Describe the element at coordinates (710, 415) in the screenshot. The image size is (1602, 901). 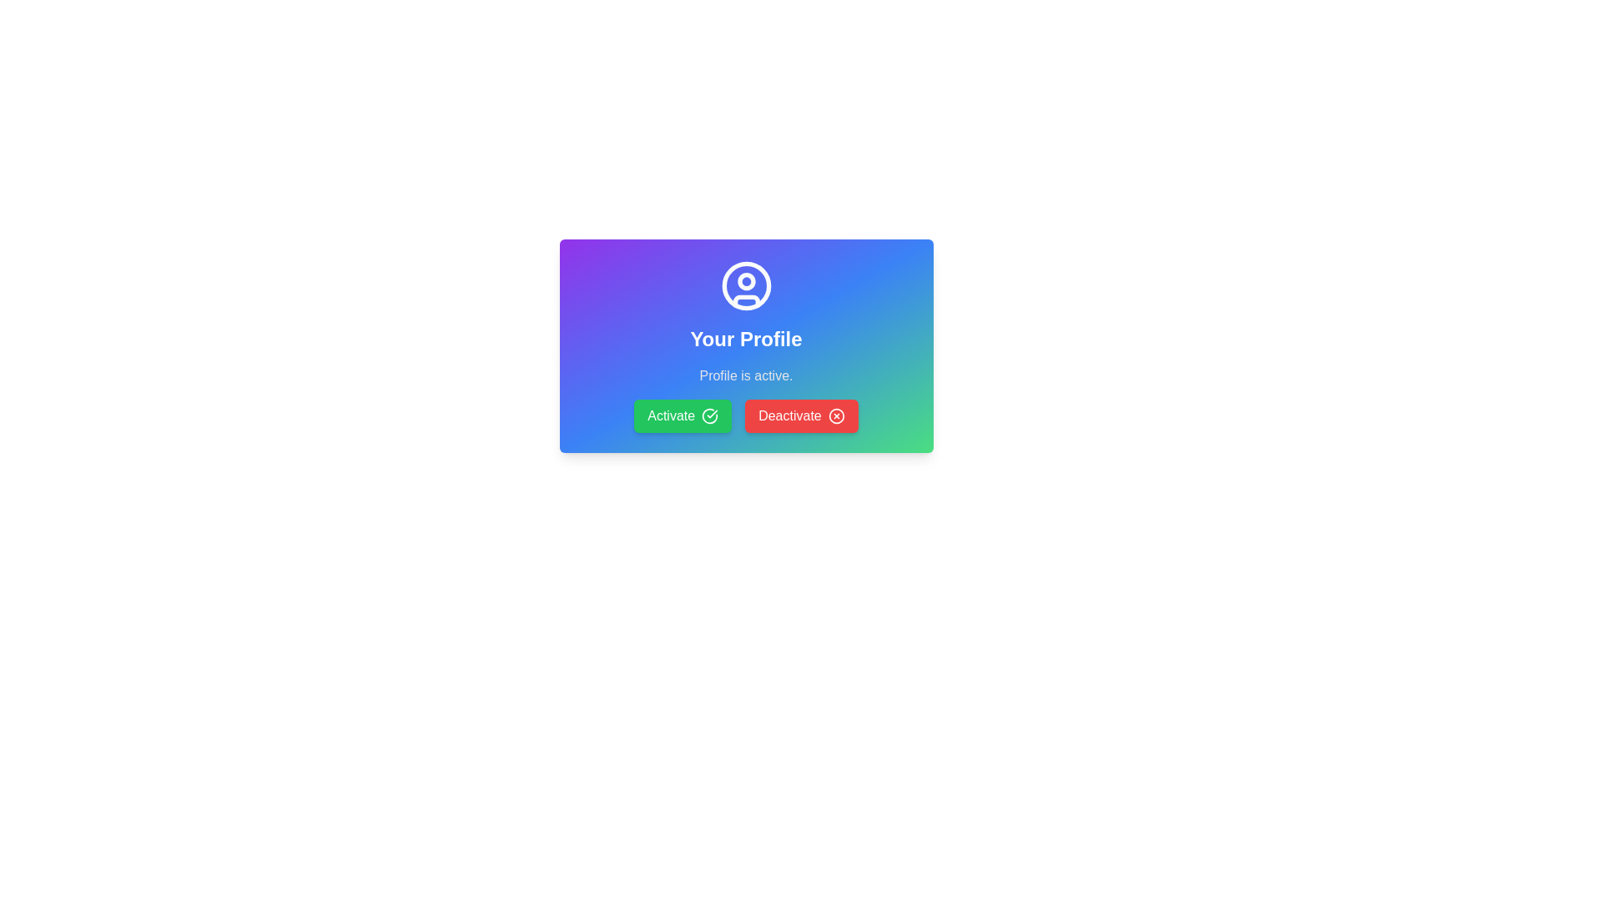
I see `the green 'Activate' button which contains the SVG icon positioned to the left of the 'Deactivate' button` at that location.